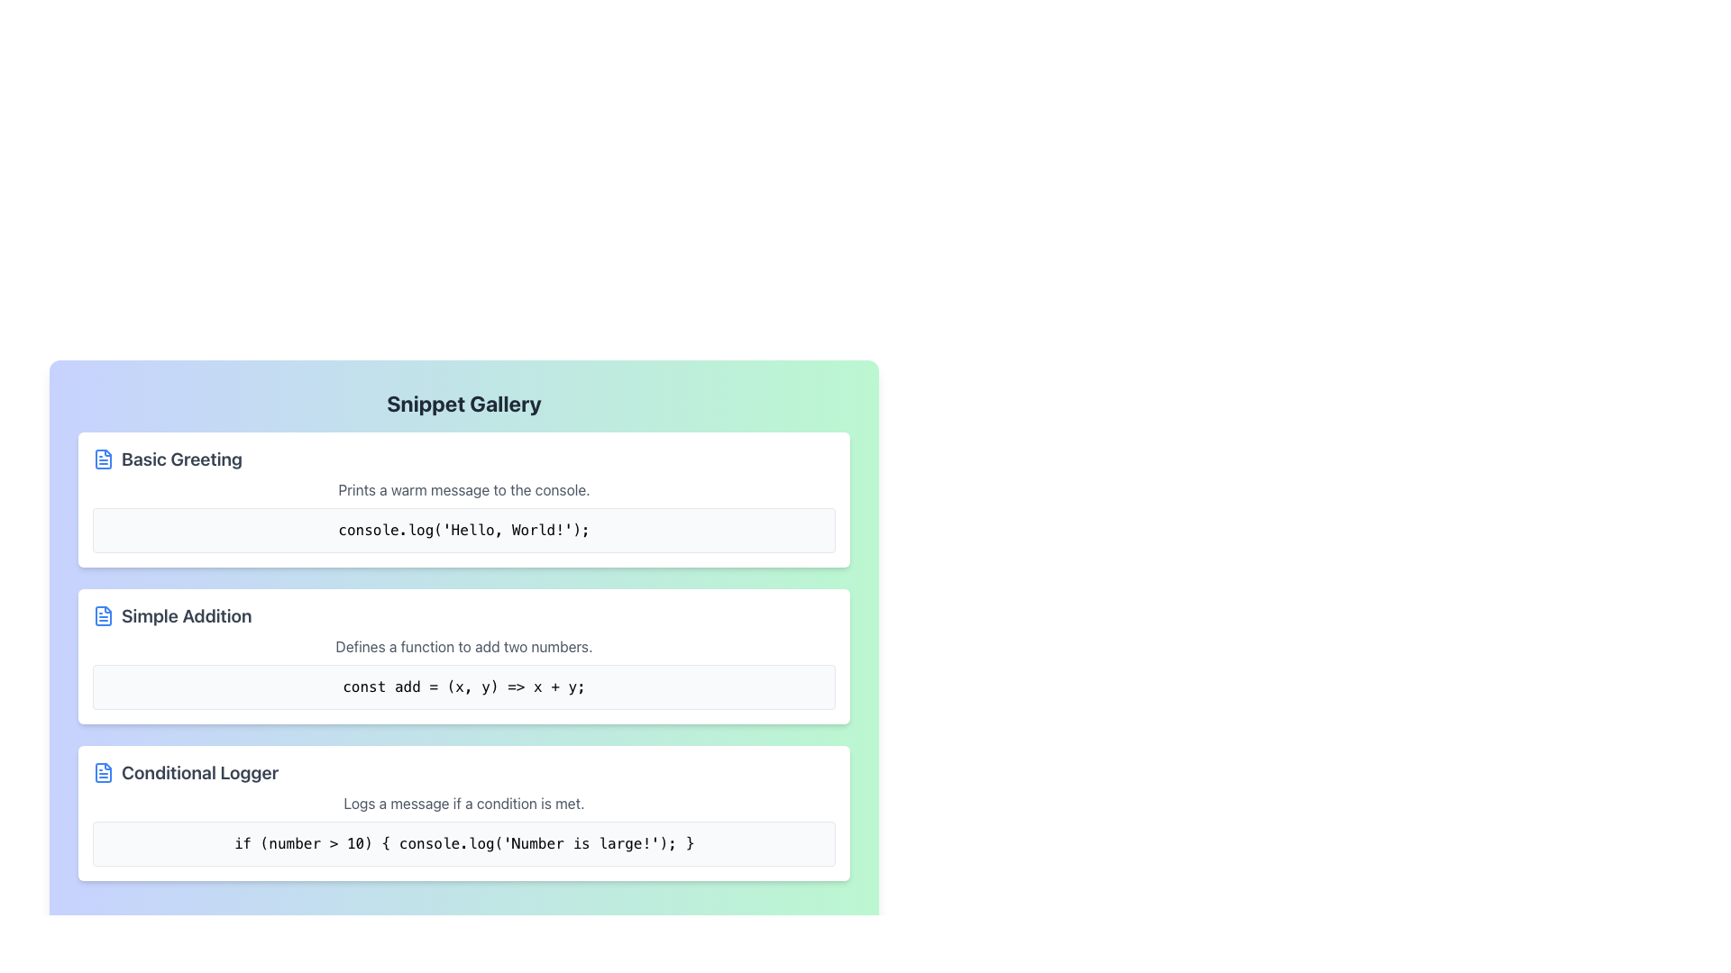 The image size is (1731, 973). Describe the element at coordinates (463, 687) in the screenshot. I see `the text block styled as a code snippet displaying a JavaScript function for addition, located in the 'Simple Addition' section beneath the description 'Defines a function to add two numbers.'` at that location.